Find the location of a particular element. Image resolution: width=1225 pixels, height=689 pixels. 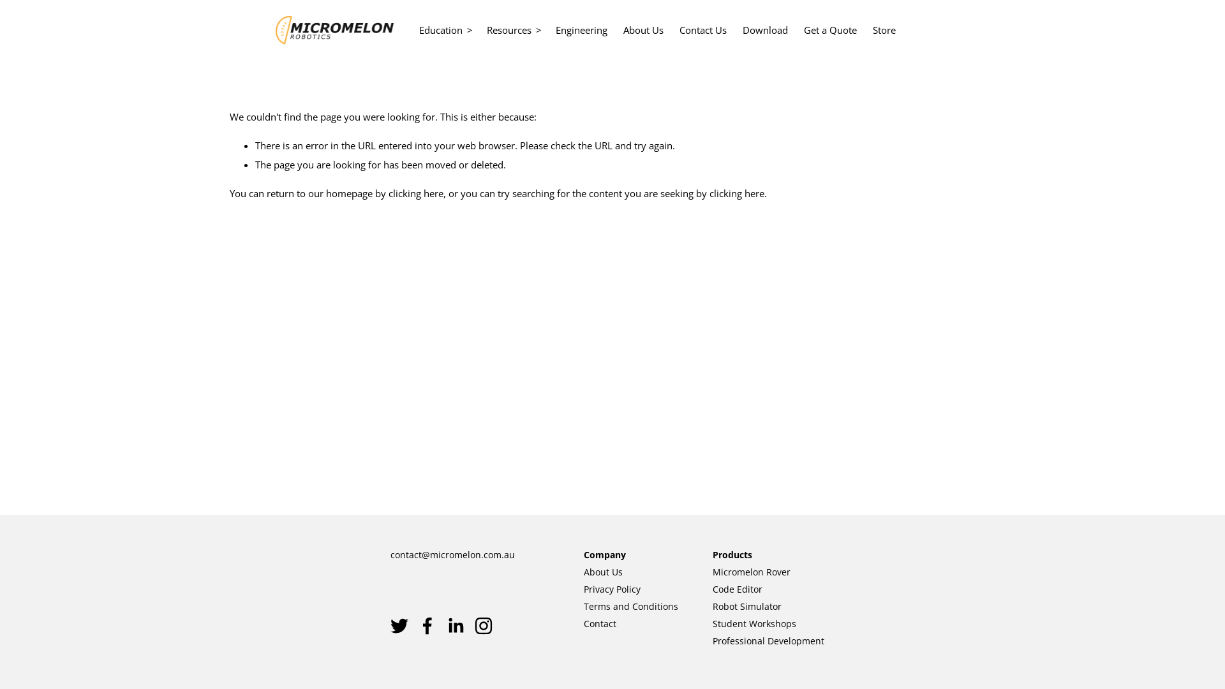

'Student Workshops' is located at coordinates (754, 623).